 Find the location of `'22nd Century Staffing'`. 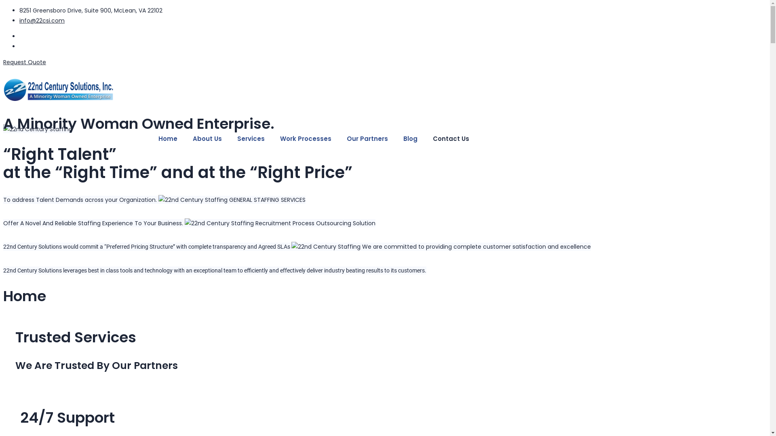

'22nd Century Staffing' is located at coordinates (37, 129).